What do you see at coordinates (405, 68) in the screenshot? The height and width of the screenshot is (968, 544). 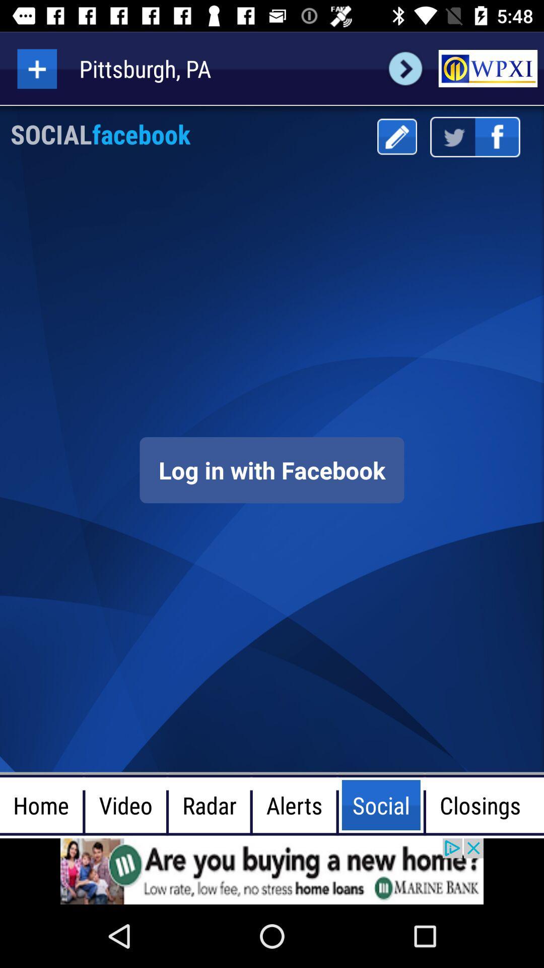 I see `the arrow_forward icon` at bounding box center [405, 68].